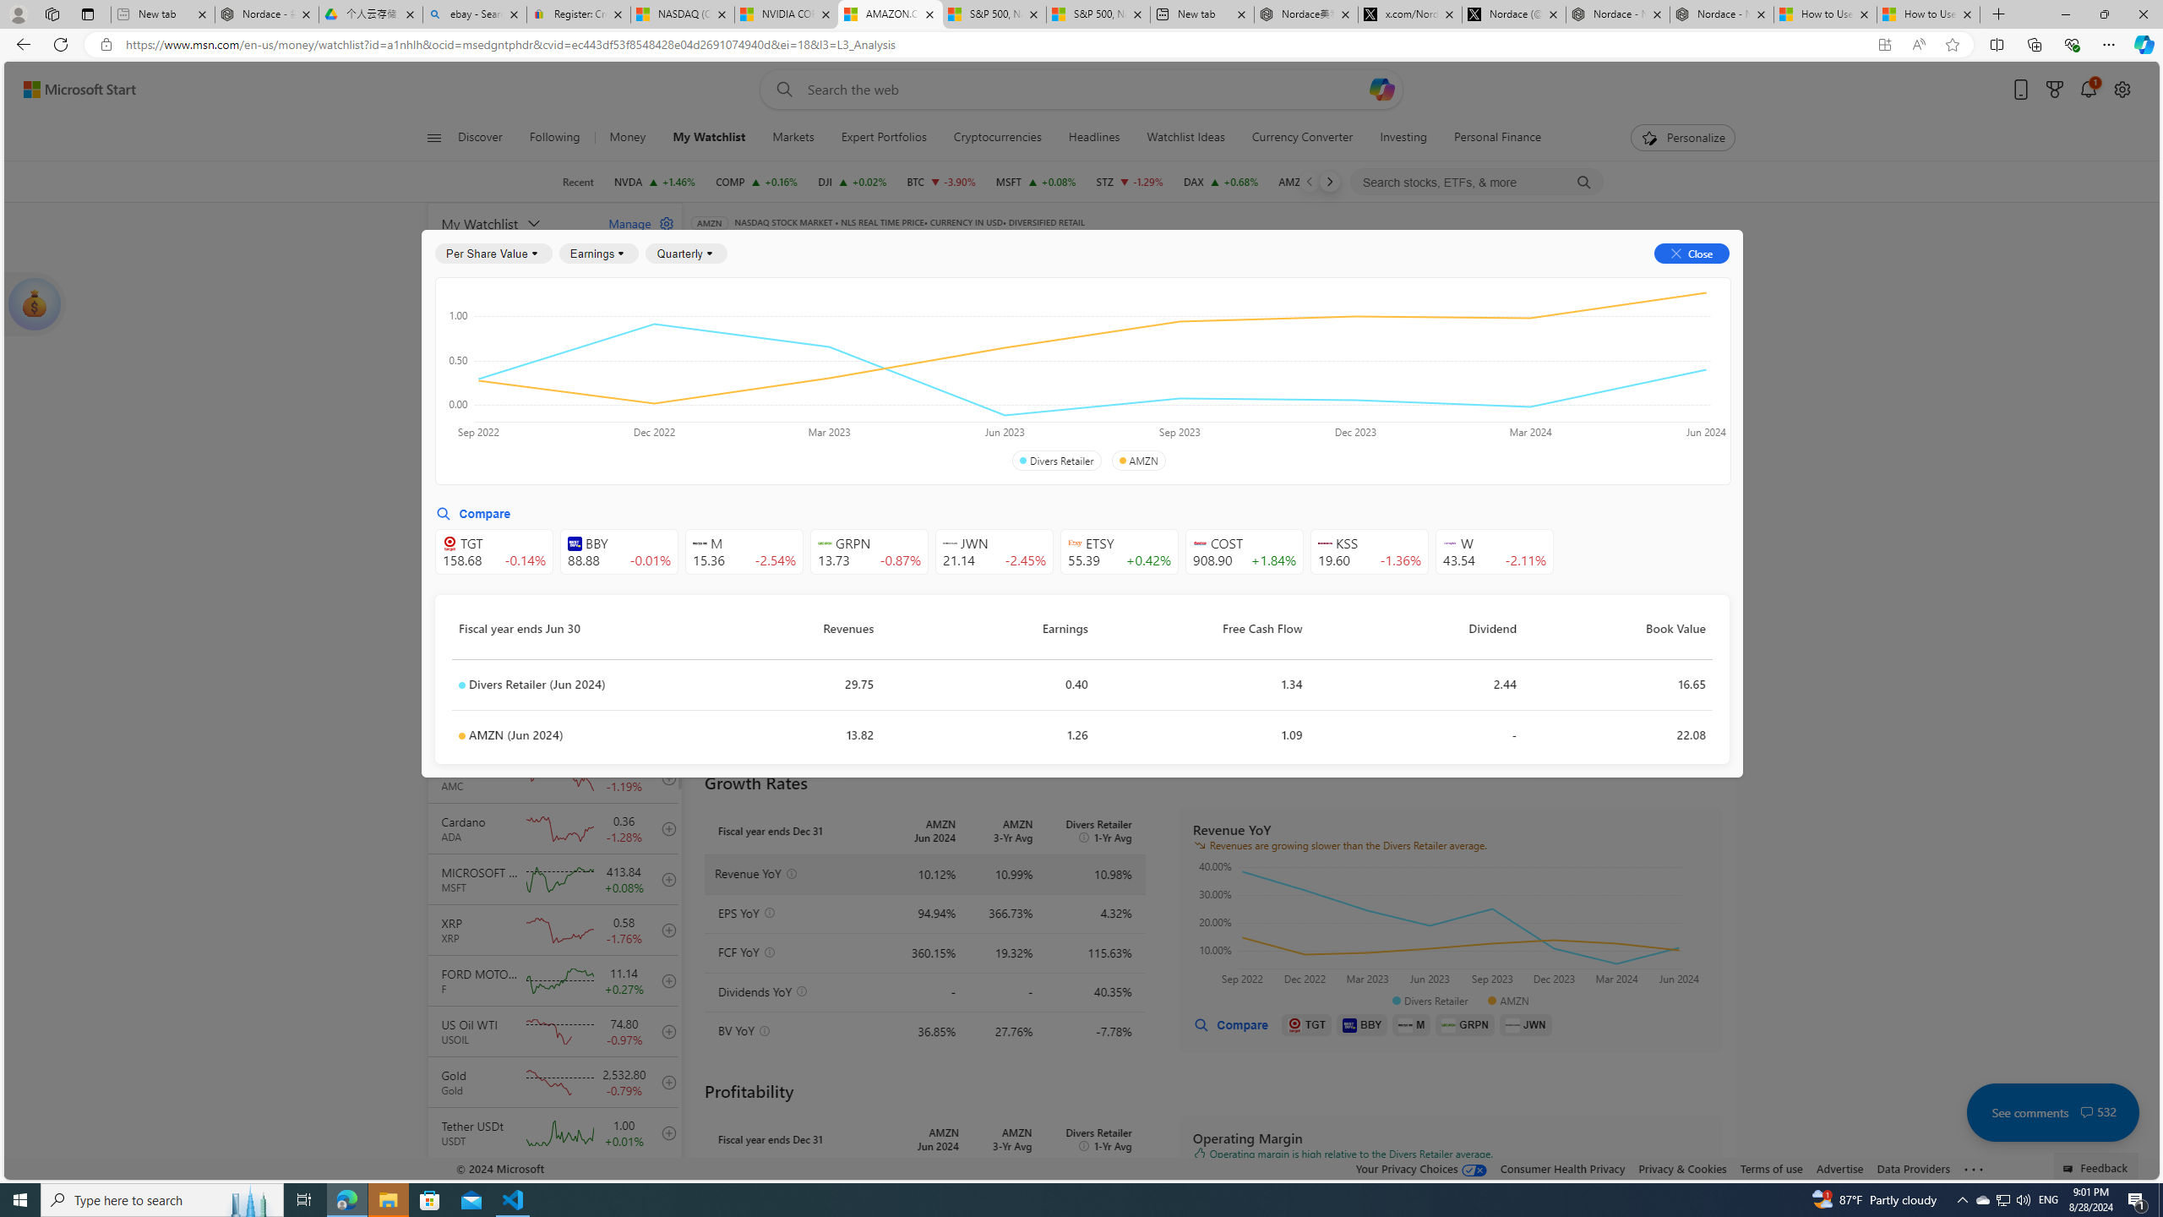 The image size is (2163, 1217). Describe the element at coordinates (2070, 1168) in the screenshot. I see `'Class: feedback_link_icon-DS-EntryPoint1-1'` at that location.